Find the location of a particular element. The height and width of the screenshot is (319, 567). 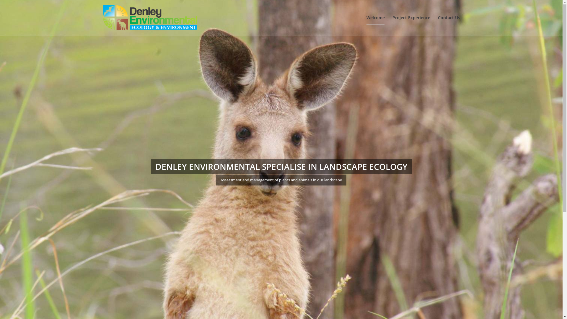

'Contact Us' is located at coordinates (447, 17).